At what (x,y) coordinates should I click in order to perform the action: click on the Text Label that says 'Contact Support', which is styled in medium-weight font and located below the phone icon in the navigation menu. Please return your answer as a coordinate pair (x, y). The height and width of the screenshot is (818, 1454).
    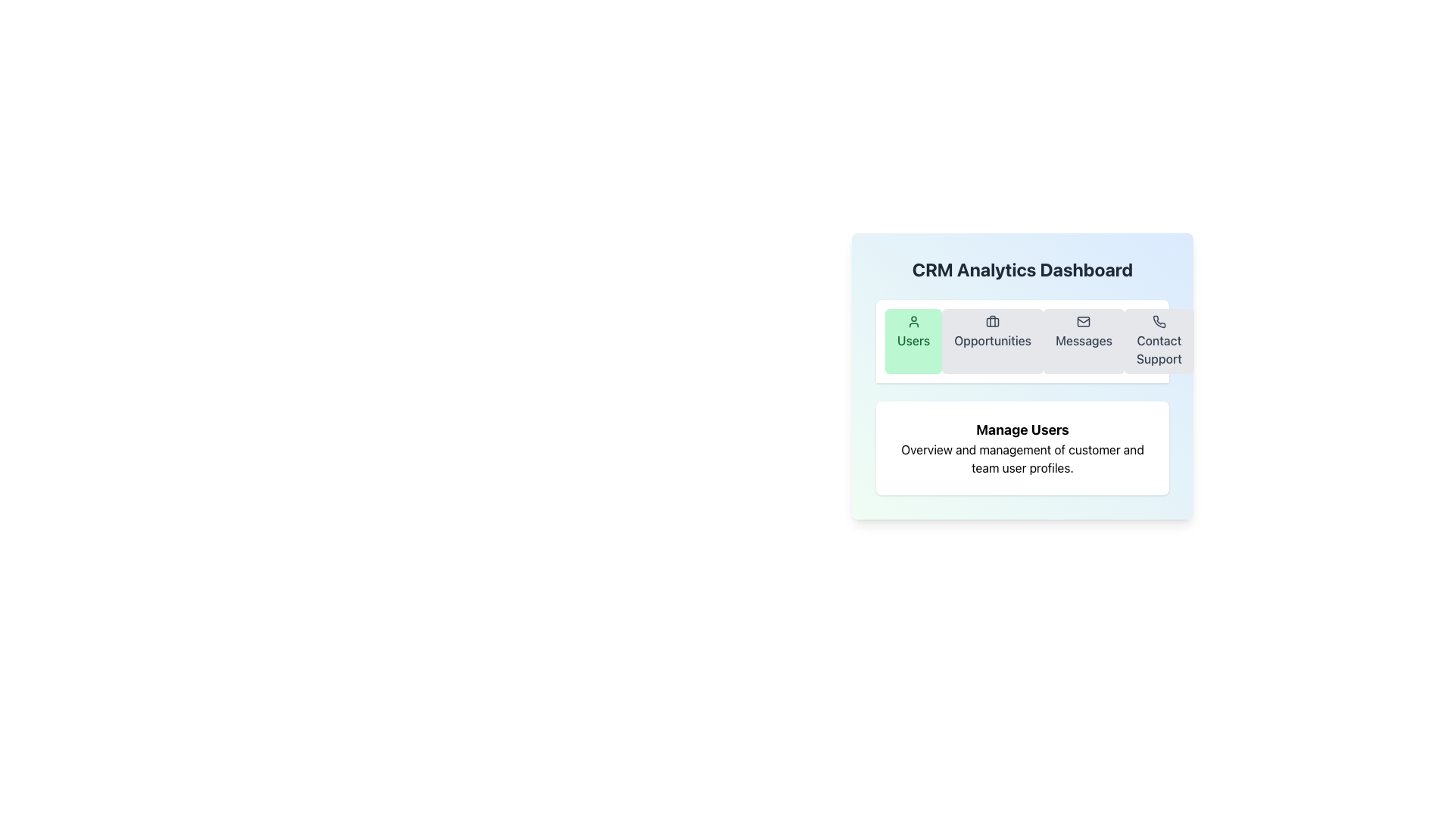
    Looking at the image, I should click on (1158, 350).